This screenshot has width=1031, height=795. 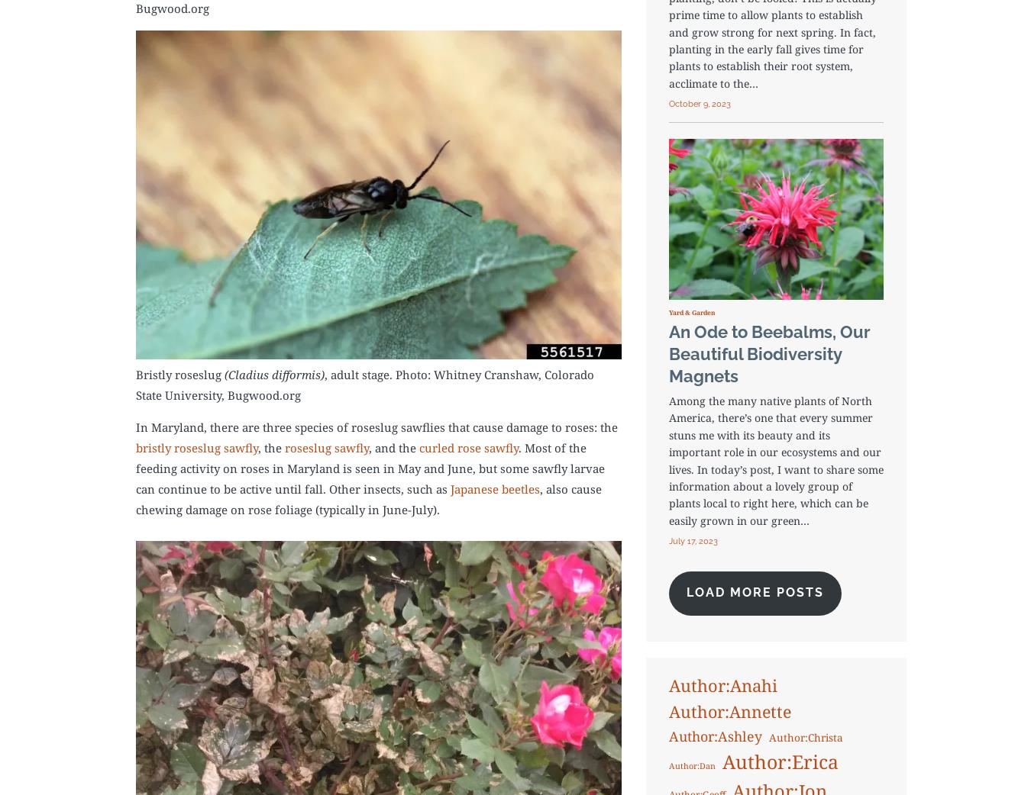 I want to click on 'Author:Ashley', so click(x=713, y=735).